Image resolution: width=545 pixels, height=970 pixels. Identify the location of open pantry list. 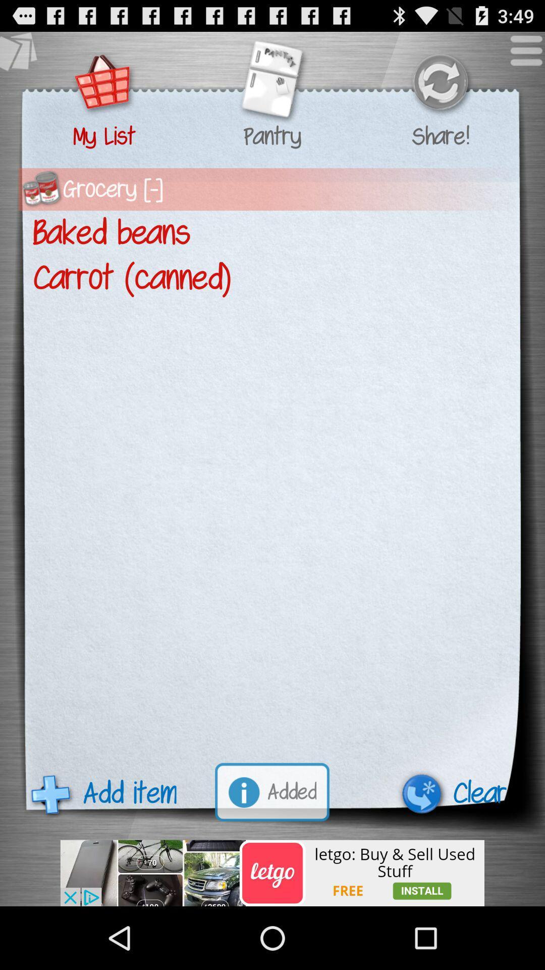
(271, 83).